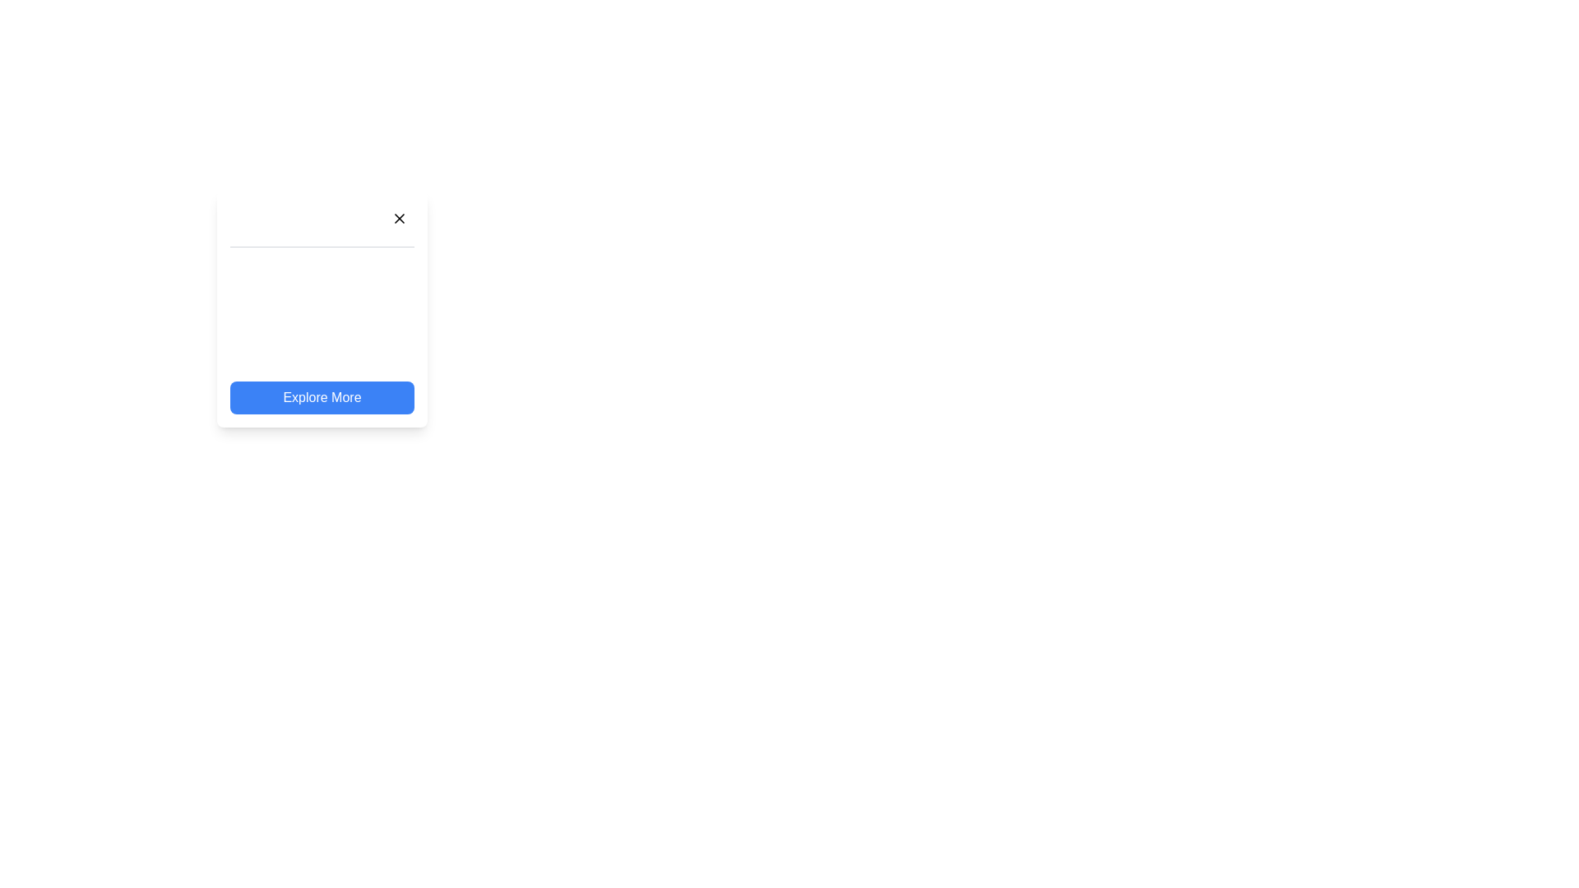  I want to click on the Close button icon located in the top-right corner of the card-like UI block, so click(399, 218).